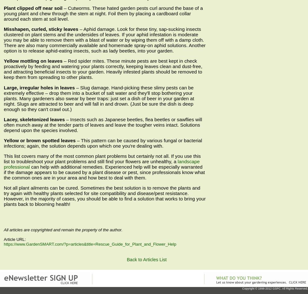  I want to click on 'Copyright © 1998-2012 GSPC. All Rights Reserved.', so click(274, 288).